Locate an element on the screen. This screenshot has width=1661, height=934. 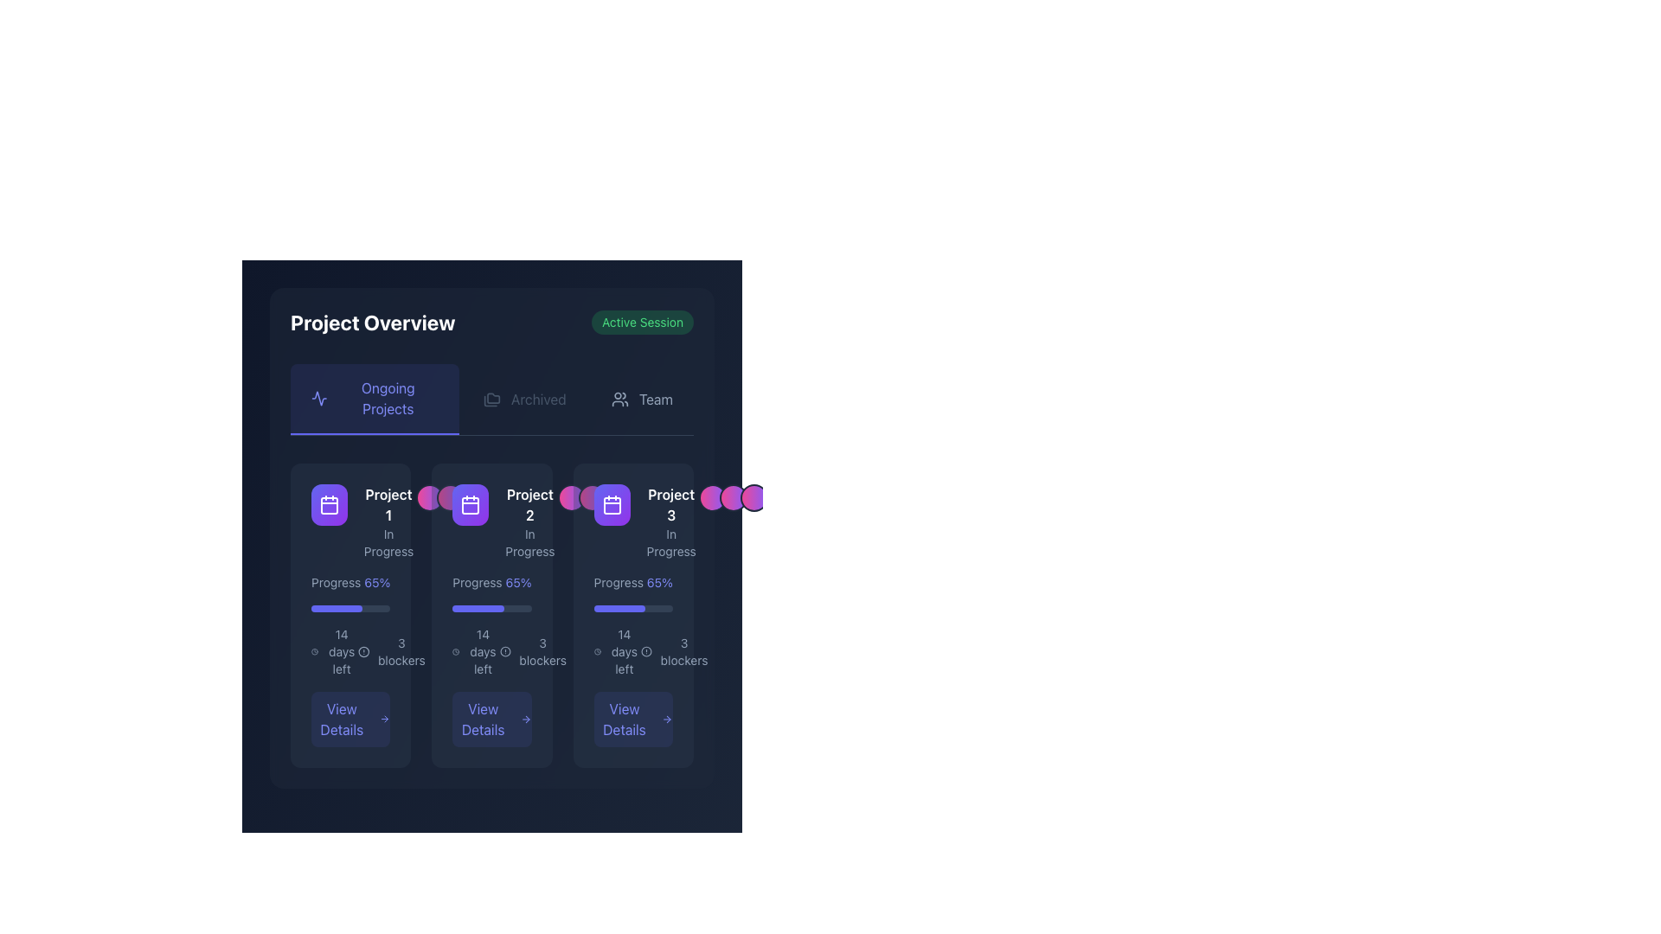
the progress percentage text element (65%) related to 'Project 3' located in the 'Progress' section of the dashboard is located at coordinates (659, 583).